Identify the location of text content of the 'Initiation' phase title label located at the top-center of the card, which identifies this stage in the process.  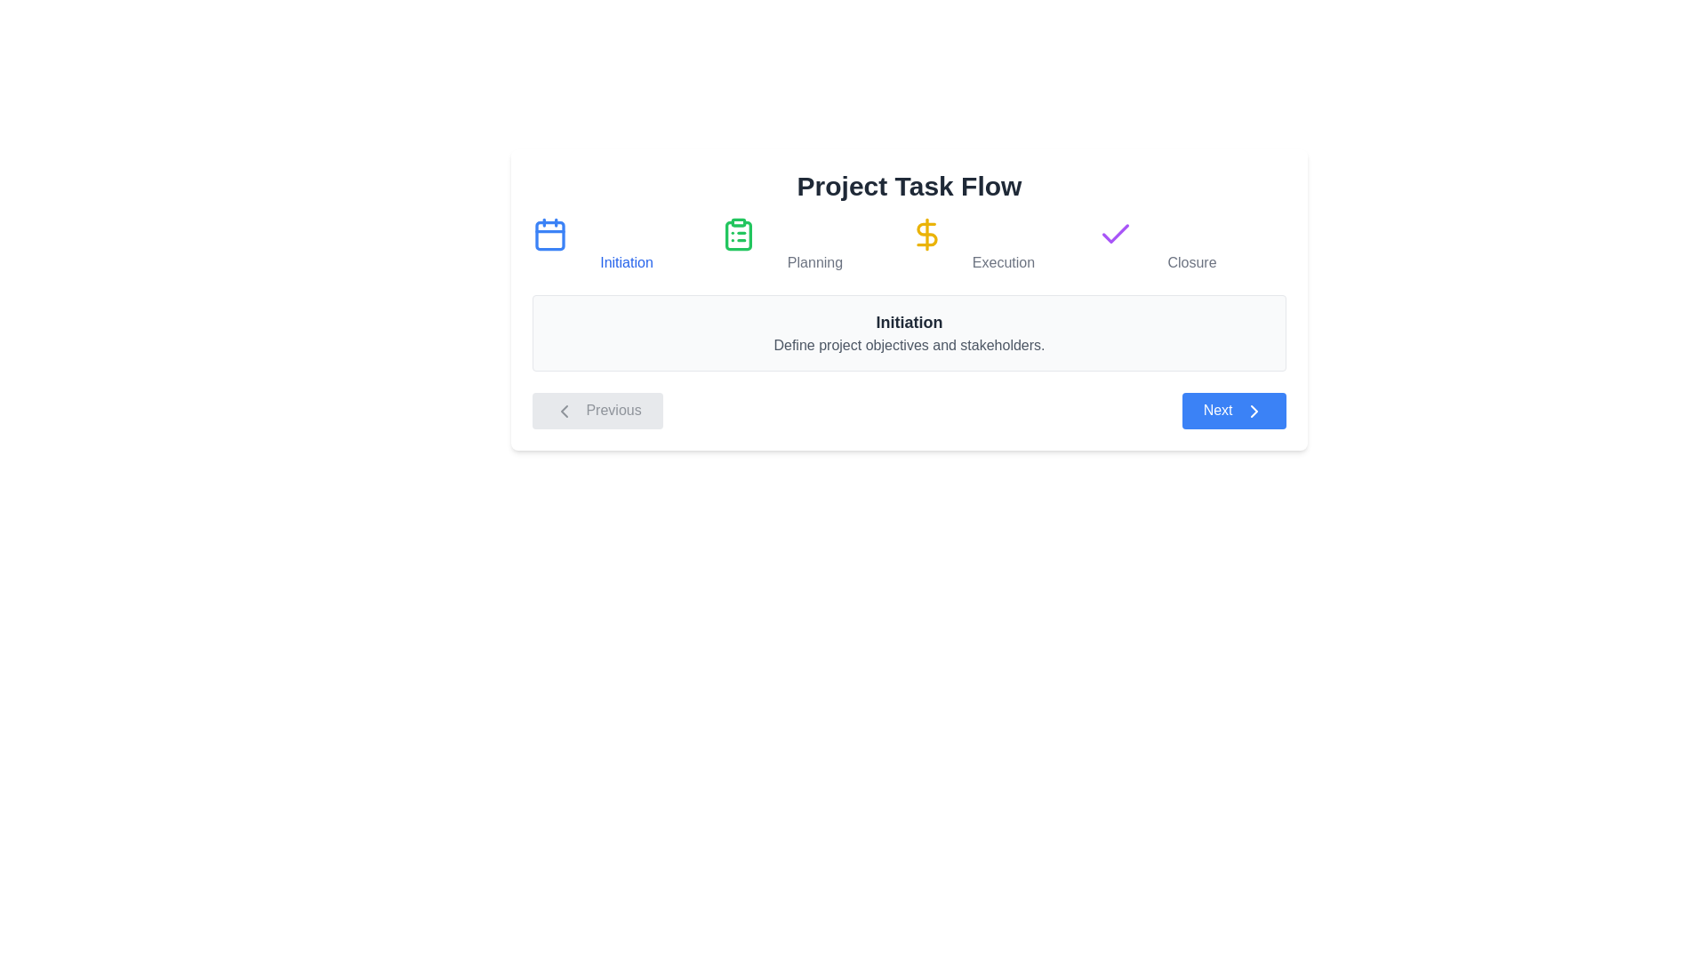
(909, 322).